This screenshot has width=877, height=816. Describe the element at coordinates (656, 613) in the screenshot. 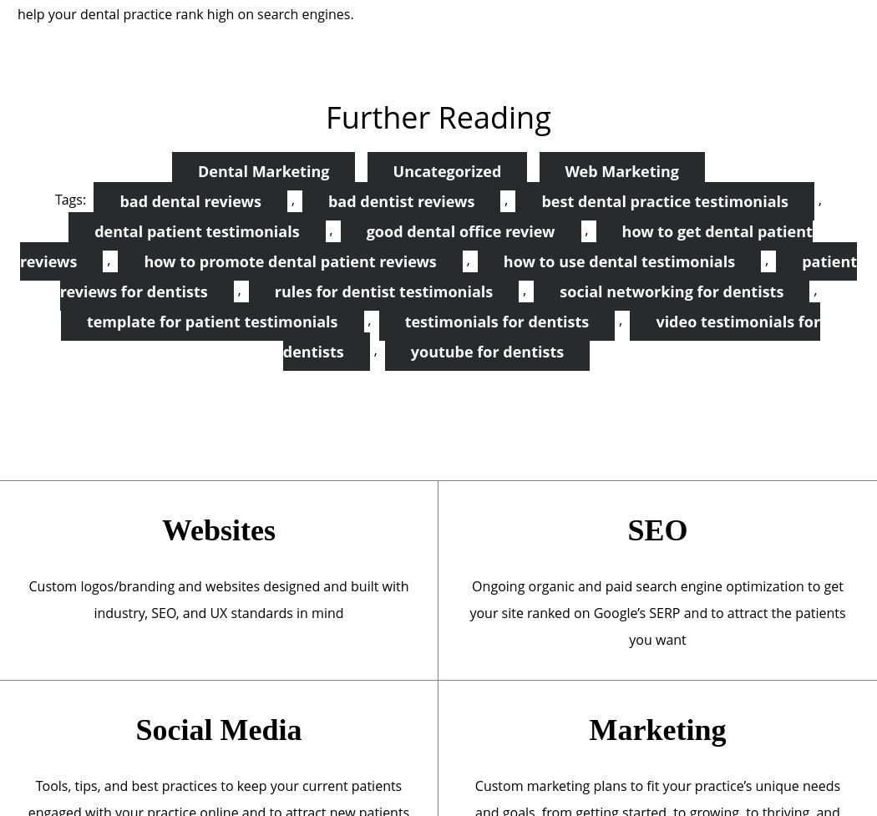

I see `'Ongoing organic and paid search engine optimization to get your site ranked on Google’s SERP and to attract the patients you want'` at that location.